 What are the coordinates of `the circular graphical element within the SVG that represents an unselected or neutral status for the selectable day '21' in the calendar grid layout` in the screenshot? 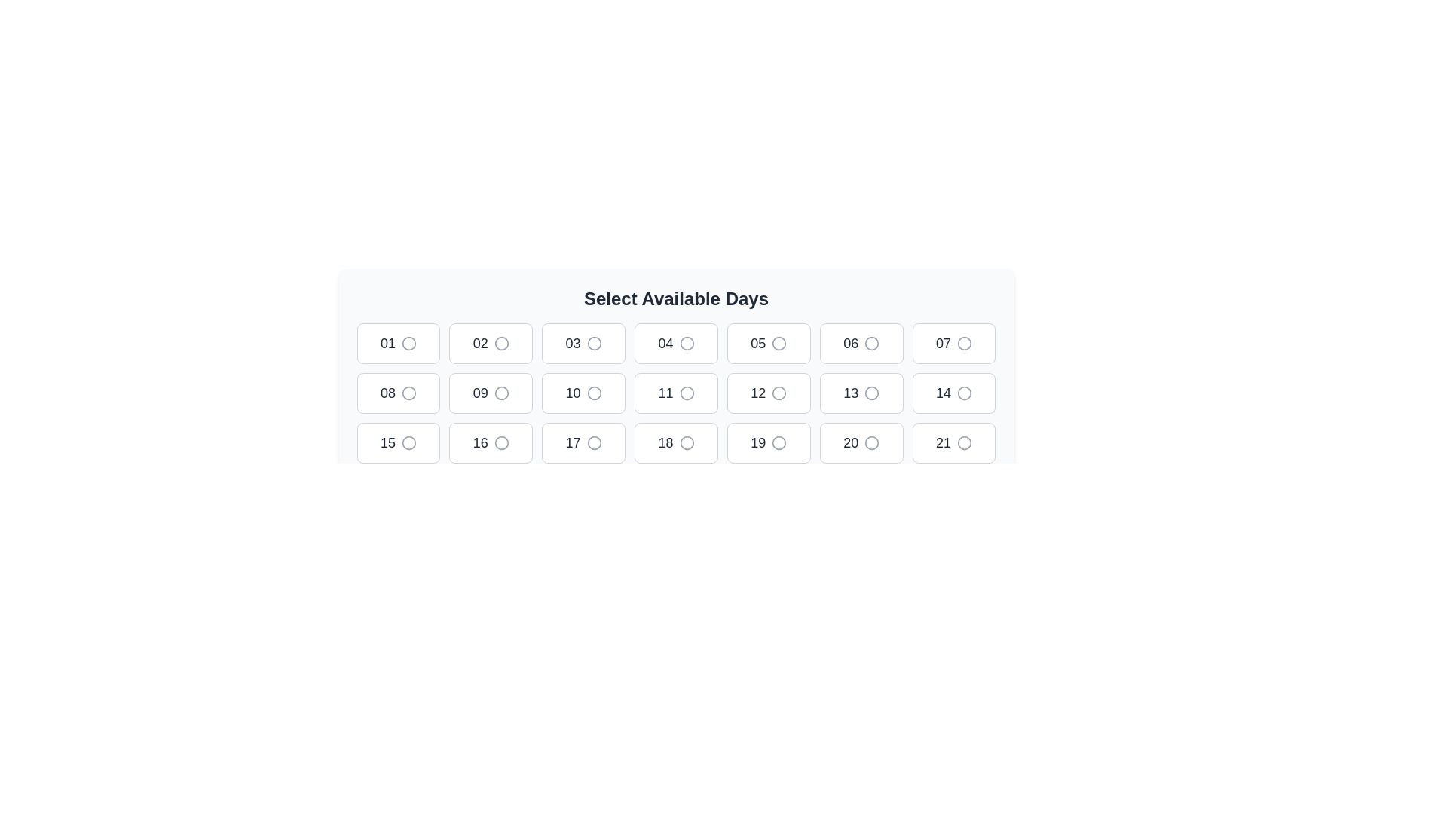 It's located at (965, 442).